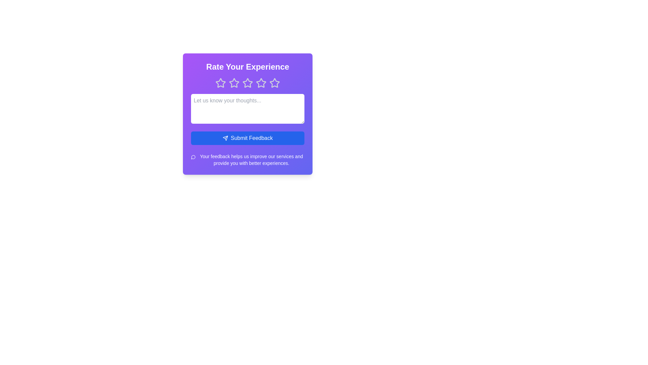 This screenshot has width=648, height=365. I want to click on the third star in the five-star rating component located in the purple feedback panel, so click(247, 83).